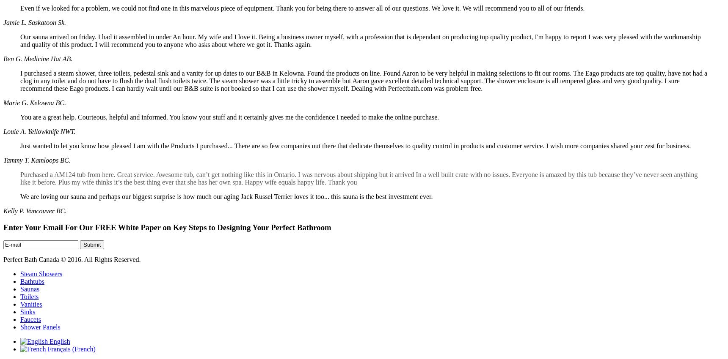 This screenshot has height=359, width=728. Describe the element at coordinates (358, 178) in the screenshot. I see `'Purchased a AM124 tub from here. Great service. Awesome tub, can’t get nothing like this in Ontario. I was nervous about shipping but it arrived In a well built crate with no issues. Everyone is amazed by this tub because they’ve never seen anything like it before. Plus my wife thinks it’s the best thing ever that she has her own spa. Happy wife equals happy life. Thank you'` at that location.